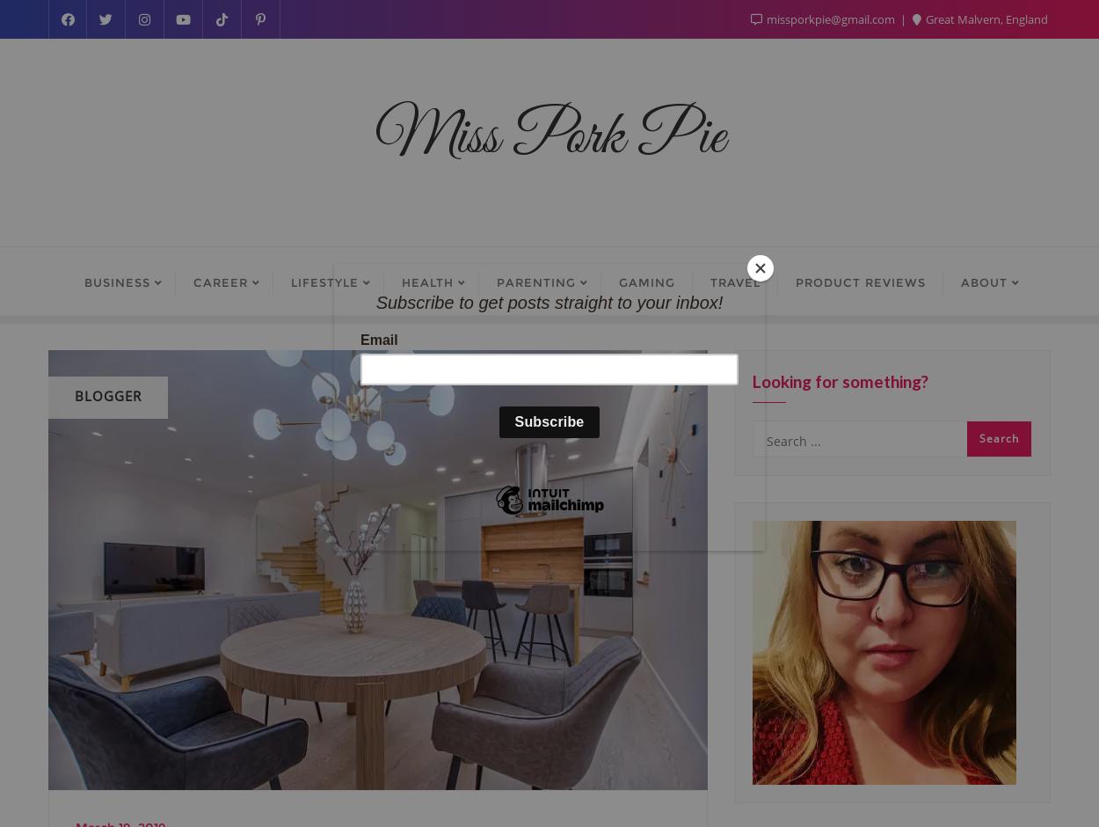 Image resolution: width=1099 pixels, height=827 pixels. Describe the element at coordinates (923, 18) in the screenshot. I see `'Great Malvern, England'` at that location.